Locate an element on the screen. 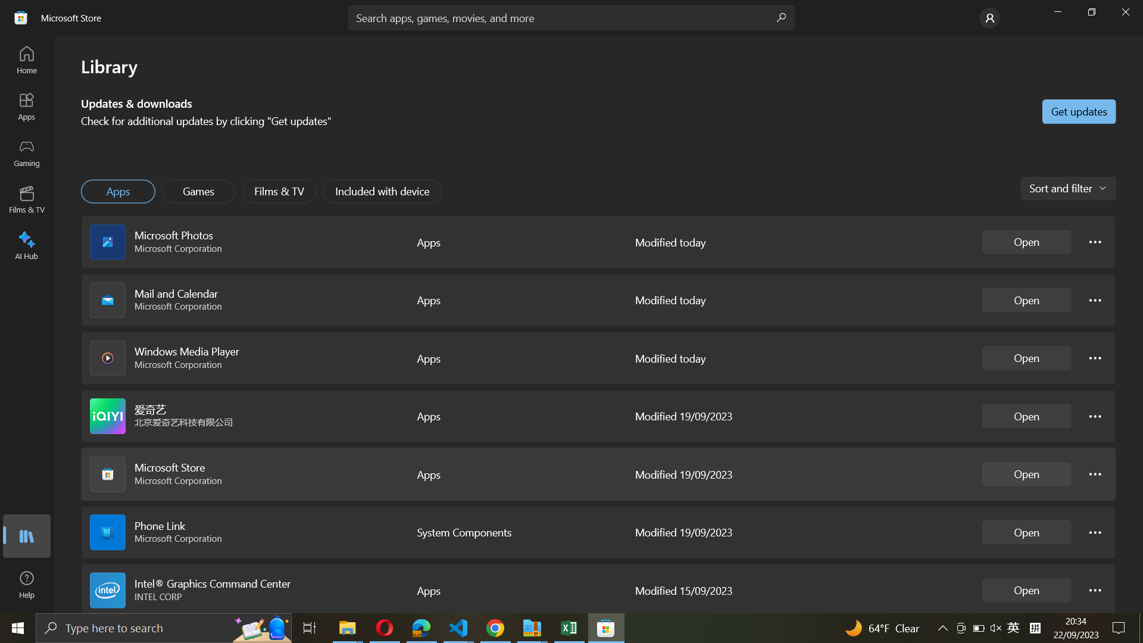 The width and height of the screenshot is (1143, 643). the Gaming portal is located at coordinates (28, 153).